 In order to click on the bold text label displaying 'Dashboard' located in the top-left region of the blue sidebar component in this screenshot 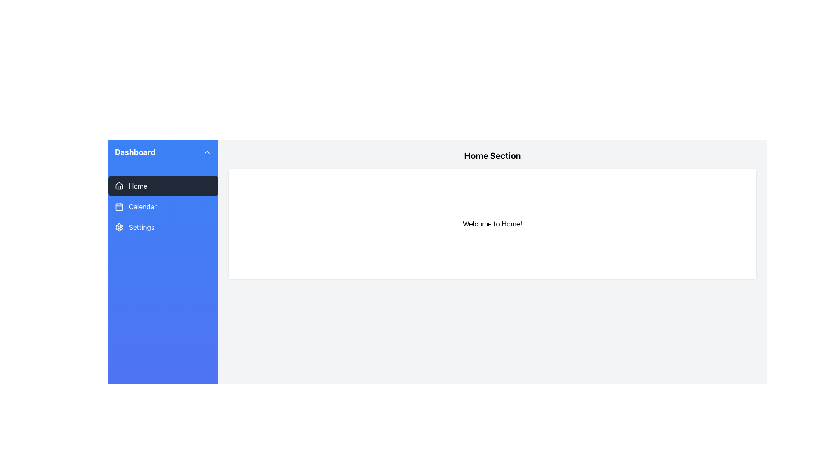, I will do `click(135, 152)`.